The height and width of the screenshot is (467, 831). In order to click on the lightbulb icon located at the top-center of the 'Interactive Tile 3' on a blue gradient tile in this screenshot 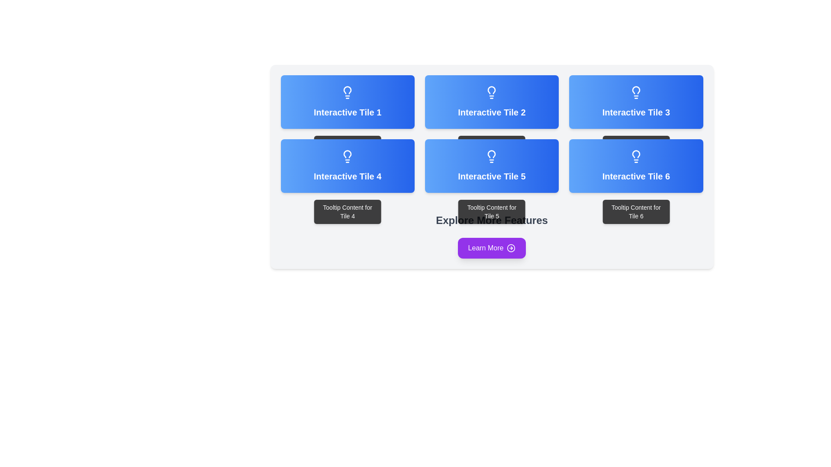, I will do `click(636, 92)`.